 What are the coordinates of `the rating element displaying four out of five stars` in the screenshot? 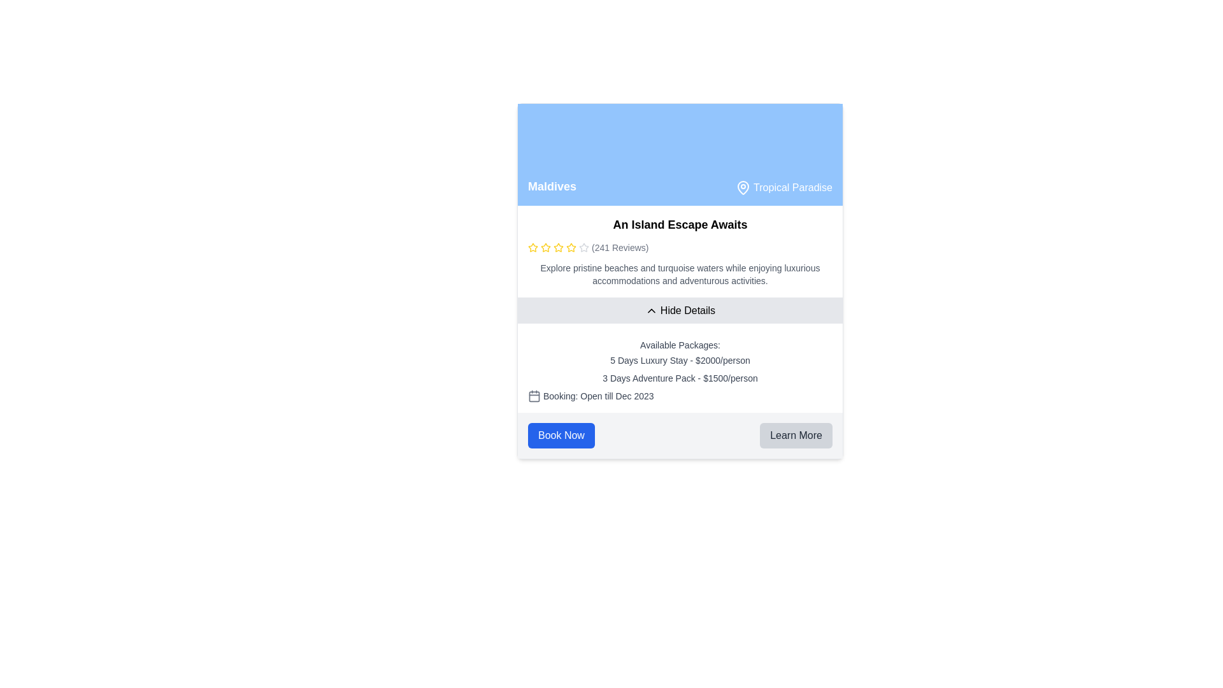 It's located at (680, 248).